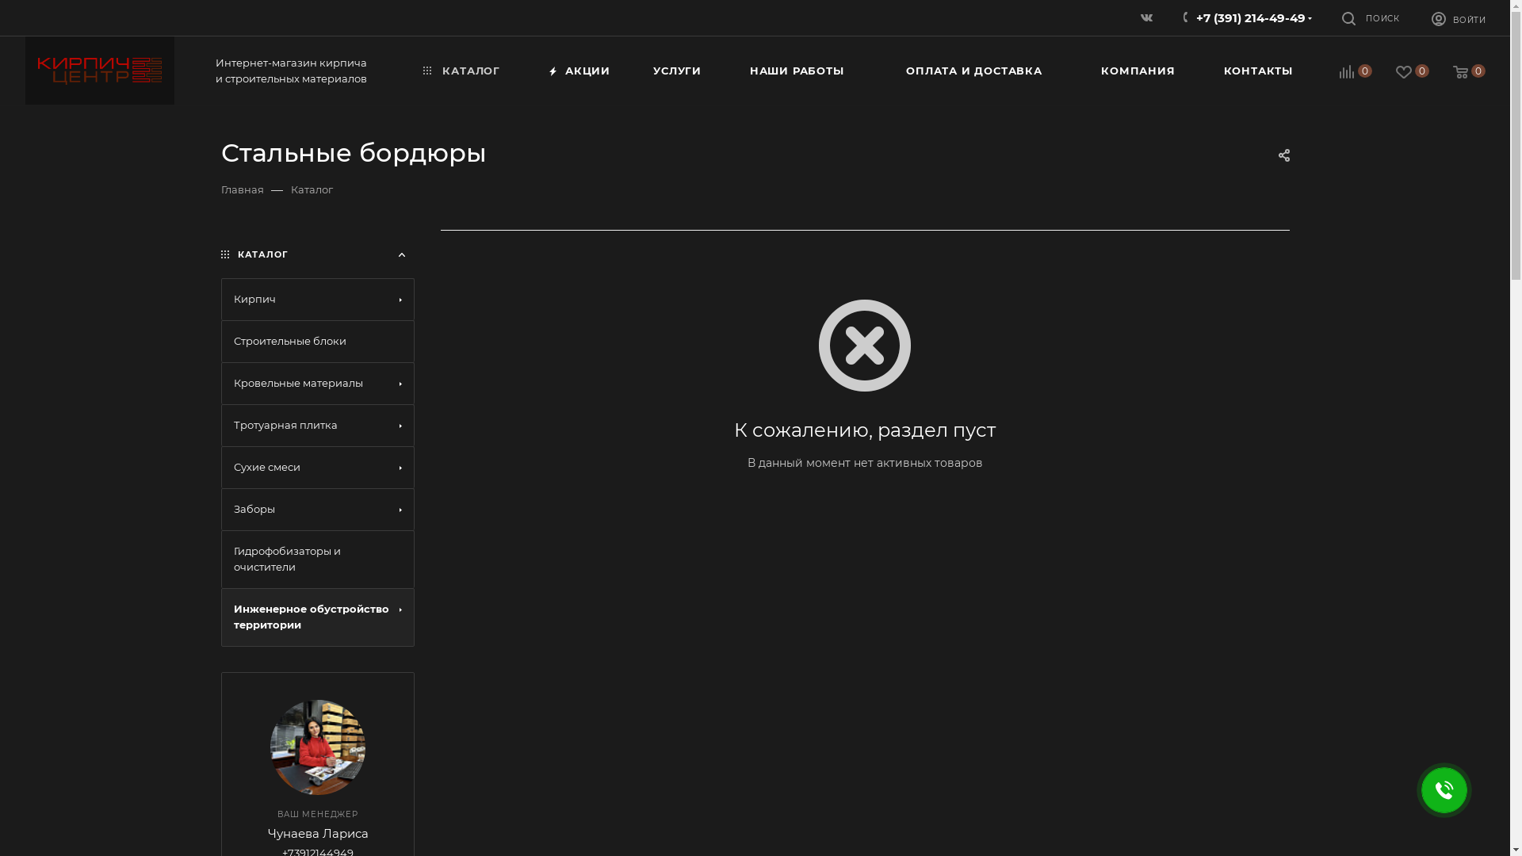  Describe the element at coordinates (1250, 17) in the screenshot. I see `'+7 (391) 214-49-49'` at that location.